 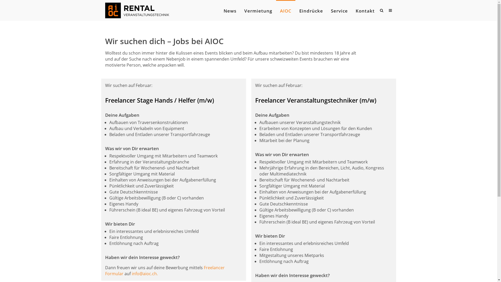 I want to click on 'info@aioc.ch.', so click(x=144, y=273).